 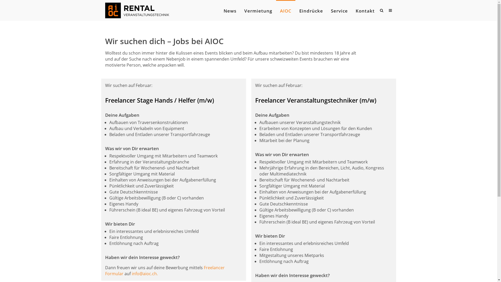 I want to click on 'info@aioc.ch.', so click(x=144, y=273).